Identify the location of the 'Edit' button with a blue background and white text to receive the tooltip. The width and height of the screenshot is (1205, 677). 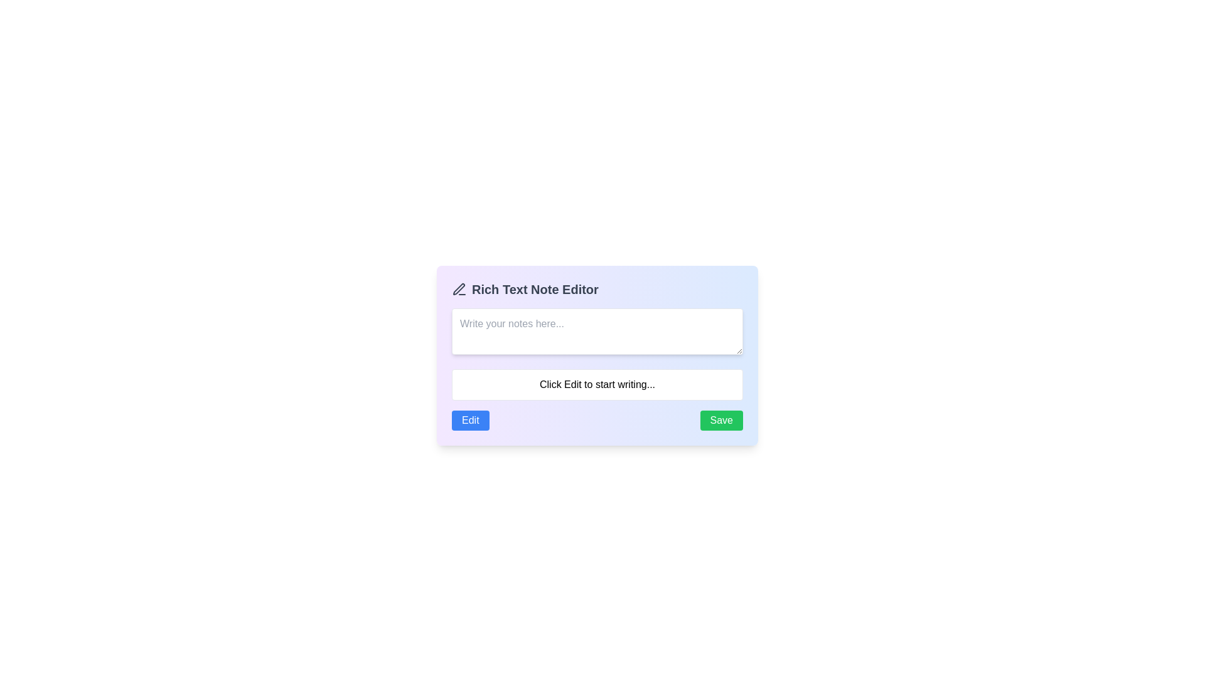
(469, 421).